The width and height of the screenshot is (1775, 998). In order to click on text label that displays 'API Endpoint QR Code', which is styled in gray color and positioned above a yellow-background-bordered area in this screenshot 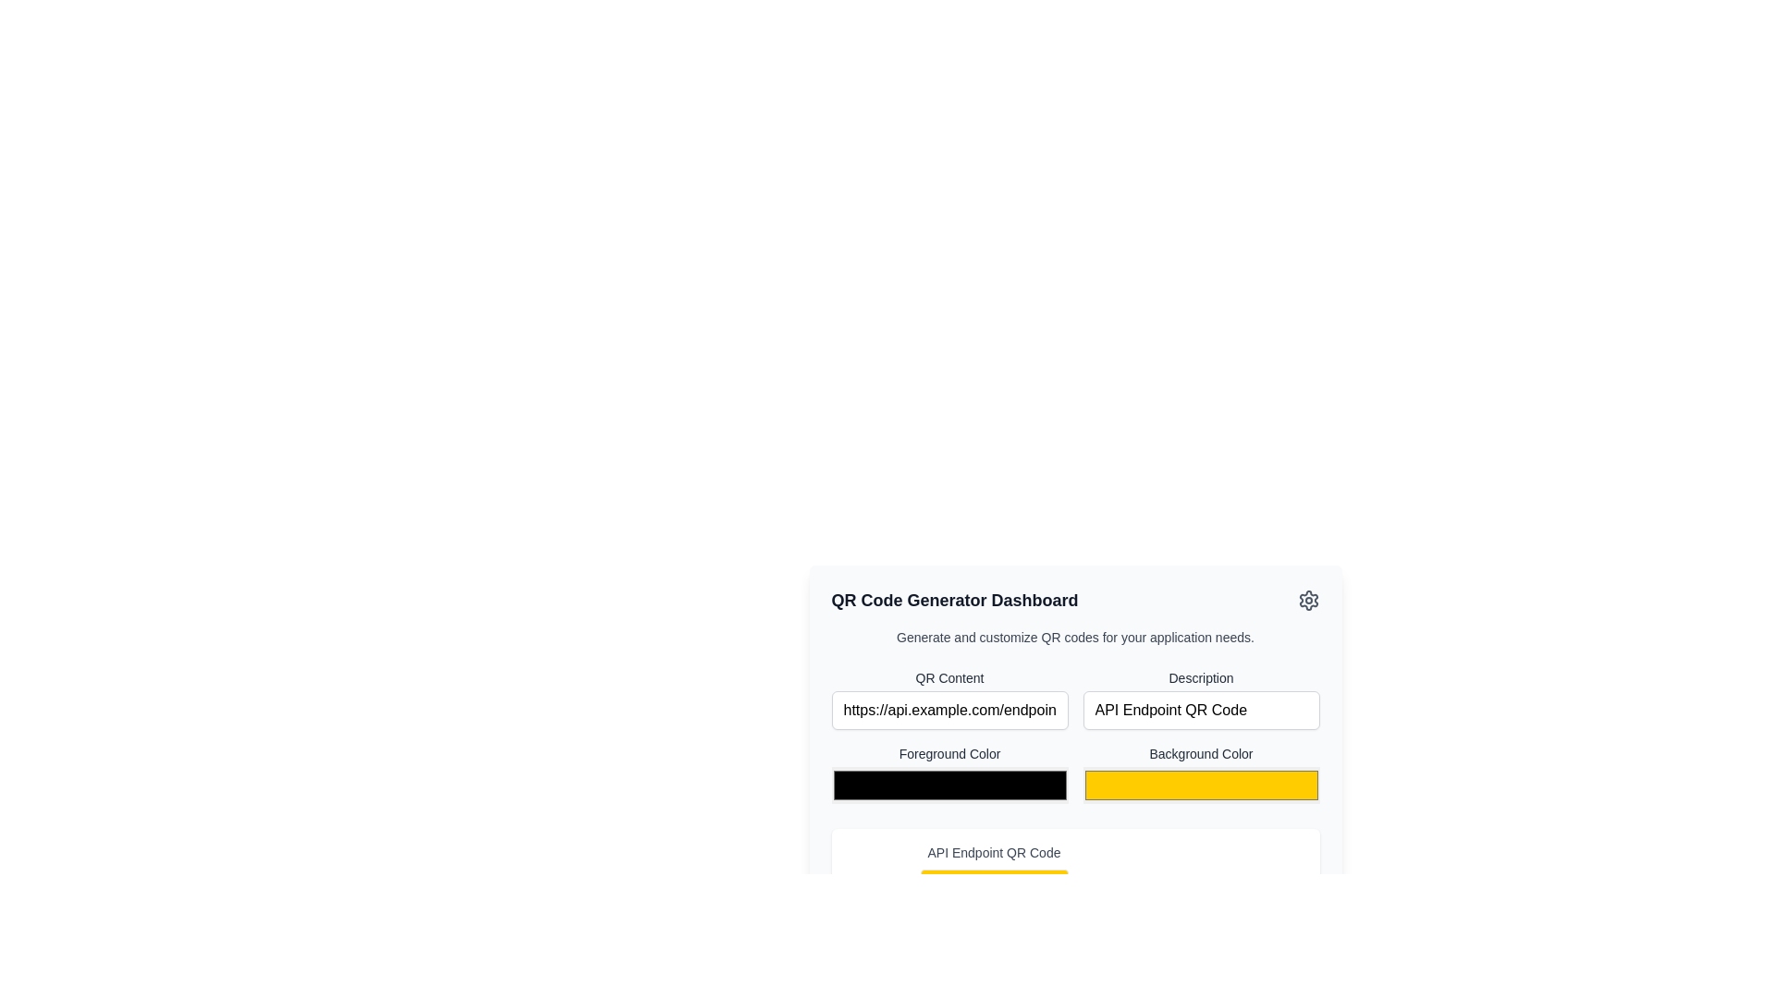, I will do `click(993, 852)`.